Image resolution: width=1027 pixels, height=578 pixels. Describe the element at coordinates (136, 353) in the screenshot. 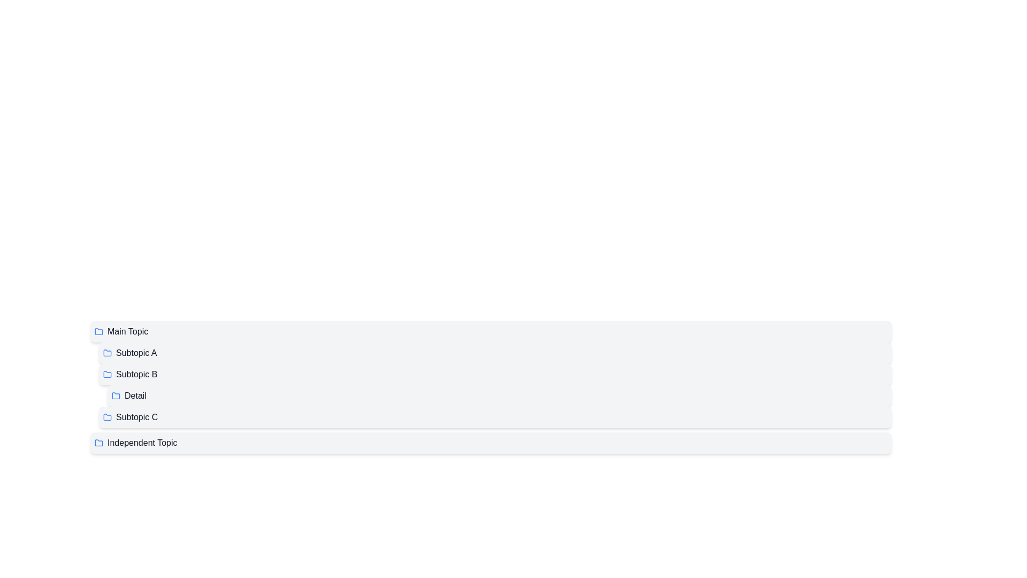

I see `the text label displaying 'Subtopic A', which is styled in bold dark gray and located next to a blue folder icon in the hierarchical list under 'Main Topic'` at that location.